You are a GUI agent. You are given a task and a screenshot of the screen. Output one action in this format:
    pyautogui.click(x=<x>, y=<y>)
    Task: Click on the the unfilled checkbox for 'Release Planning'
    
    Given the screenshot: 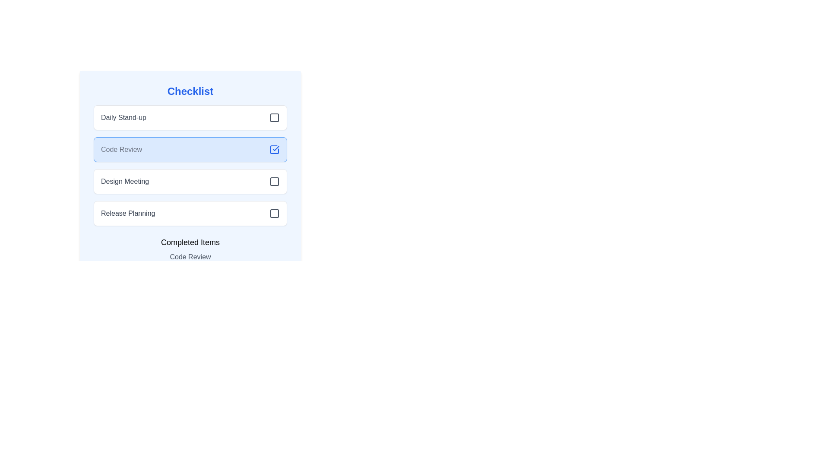 What is the action you would take?
    pyautogui.click(x=274, y=213)
    